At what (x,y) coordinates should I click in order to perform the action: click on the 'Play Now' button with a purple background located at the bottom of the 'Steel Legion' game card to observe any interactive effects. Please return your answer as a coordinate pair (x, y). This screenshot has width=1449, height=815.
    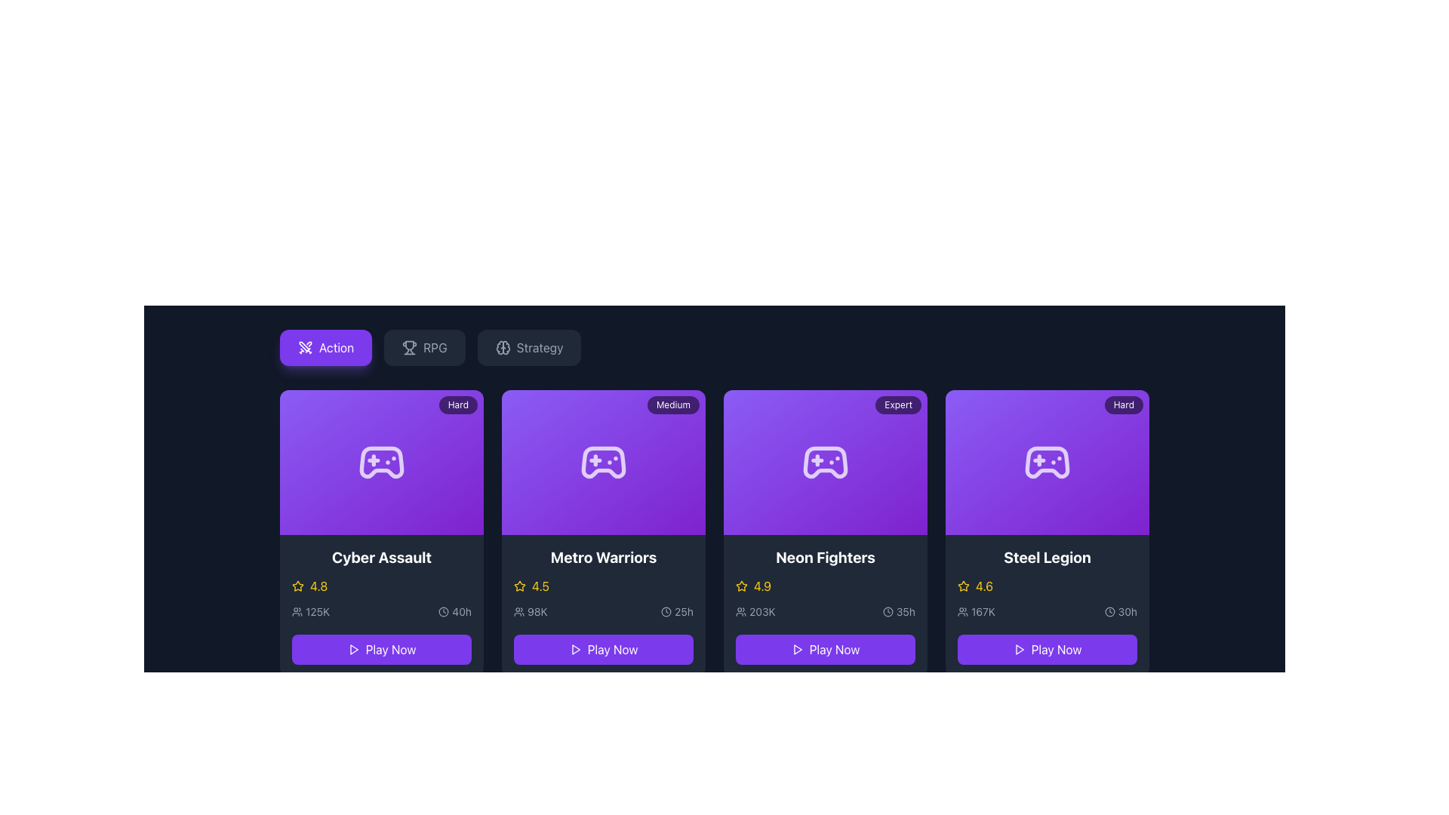
    Looking at the image, I should click on (1046, 645).